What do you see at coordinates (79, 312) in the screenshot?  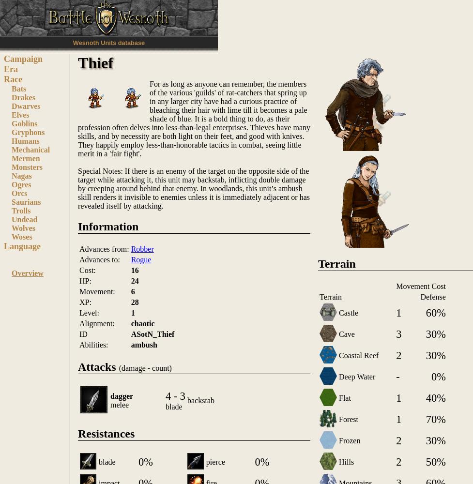 I see `'Level:'` at bounding box center [79, 312].